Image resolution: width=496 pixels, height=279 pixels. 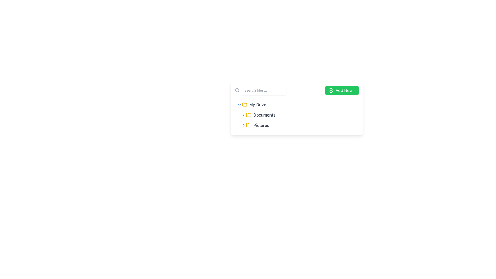 I want to click on the yellow folder icon with a minimalist design located in the 'My Drive' section, positioned as the third element in the row, so click(x=244, y=105).